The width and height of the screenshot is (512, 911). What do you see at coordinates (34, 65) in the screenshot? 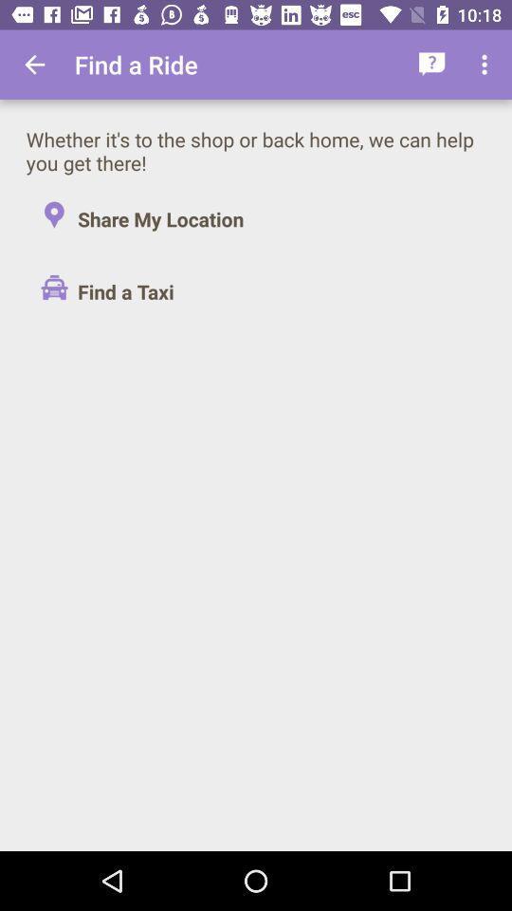
I see `the app next to the find a ride` at bounding box center [34, 65].